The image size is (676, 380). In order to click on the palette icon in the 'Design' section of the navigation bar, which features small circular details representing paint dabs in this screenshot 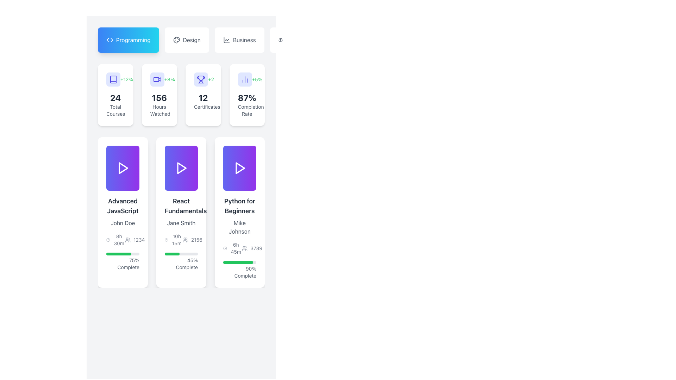, I will do `click(176, 40)`.